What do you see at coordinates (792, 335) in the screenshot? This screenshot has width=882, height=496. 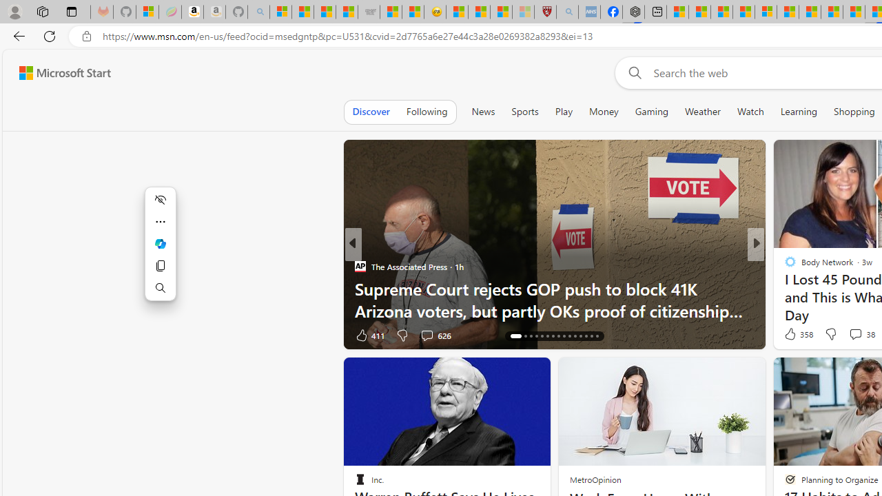 I see `'67 Like'` at bounding box center [792, 335].